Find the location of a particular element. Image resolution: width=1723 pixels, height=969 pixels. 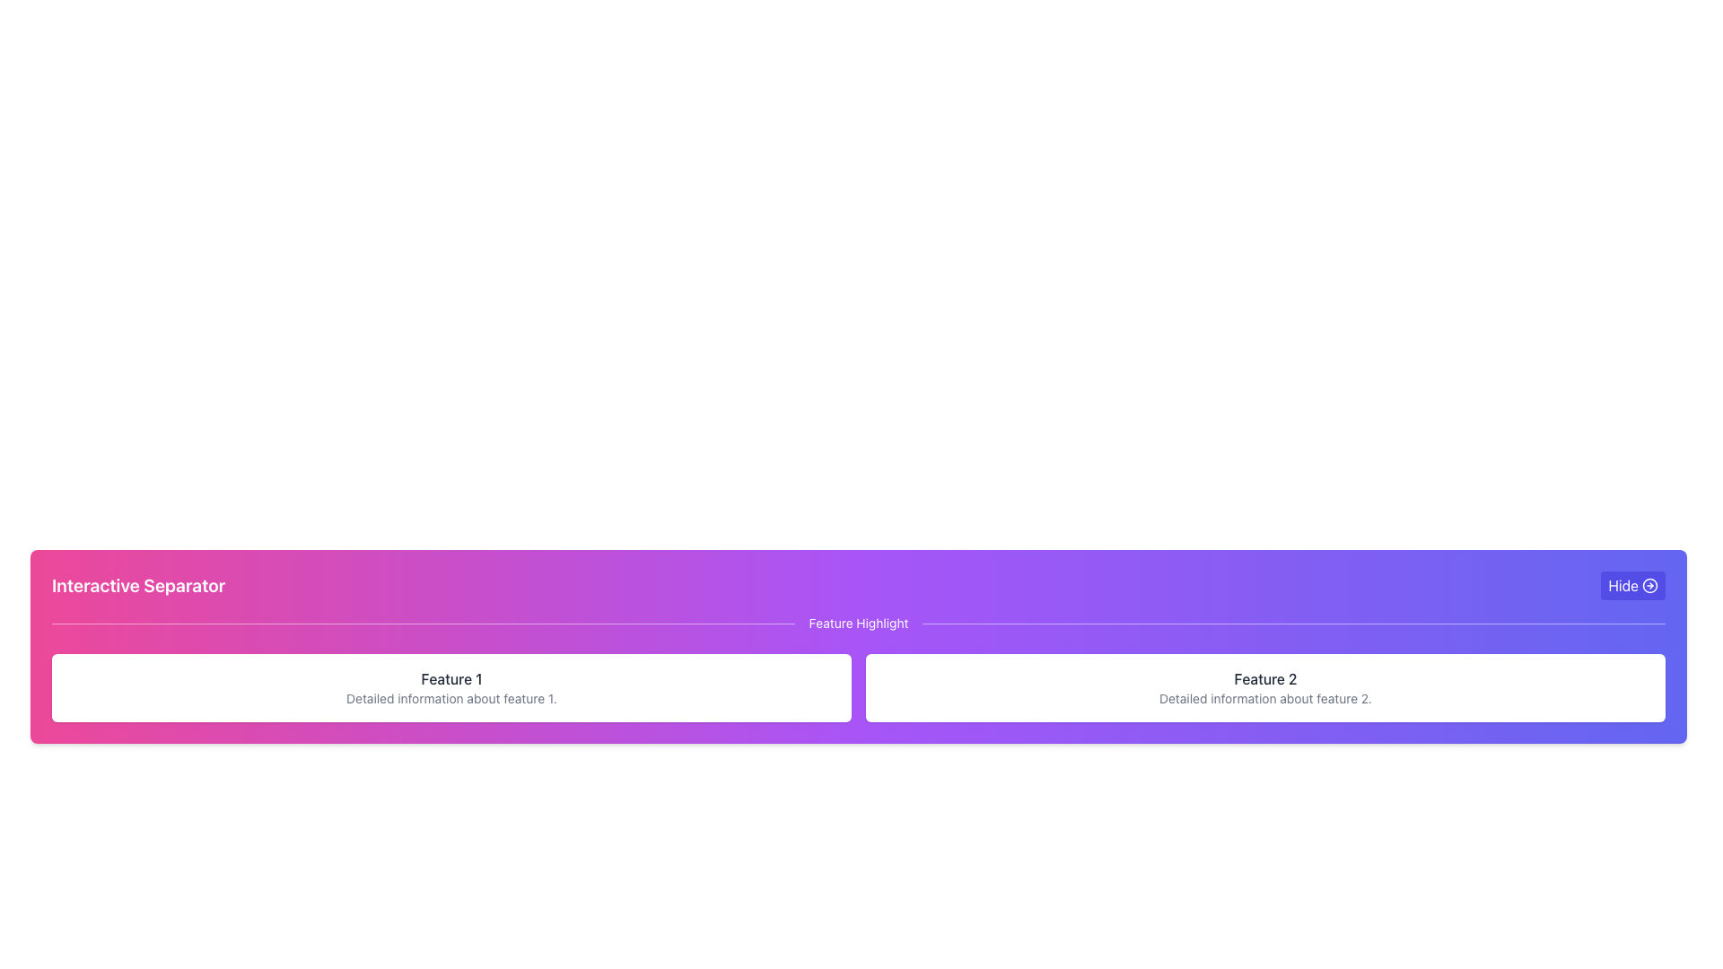

the button located on the right side of the header bar labeled 'Interactive Separator' is located at coordinates (1633, 585).